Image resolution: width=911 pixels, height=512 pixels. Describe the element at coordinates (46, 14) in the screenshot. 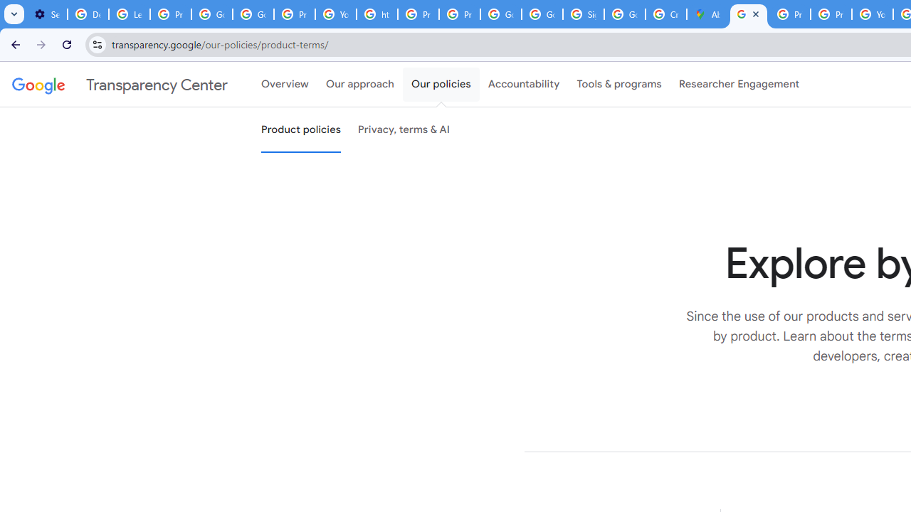

I see `'Settings - On startup'` at that location.